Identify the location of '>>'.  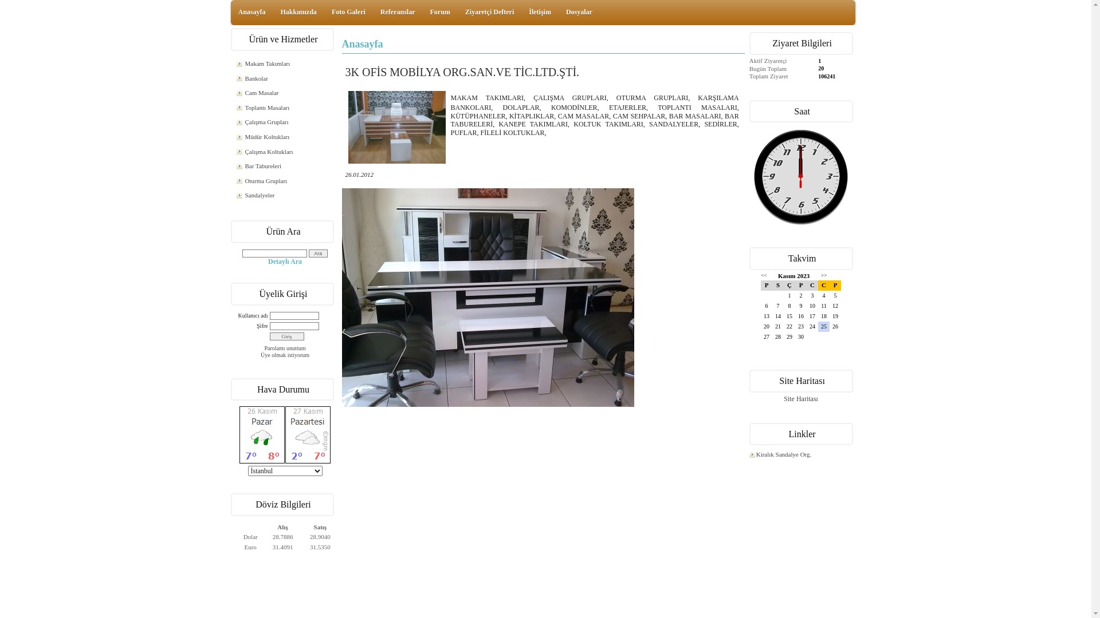
(820, 275).